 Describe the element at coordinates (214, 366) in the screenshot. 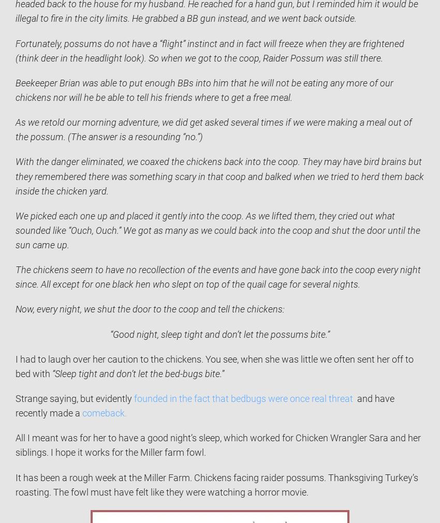

I see `'I had to laugh over her caution to the chickens. You see, when she was little we often sent her off to bed with'` at that location.